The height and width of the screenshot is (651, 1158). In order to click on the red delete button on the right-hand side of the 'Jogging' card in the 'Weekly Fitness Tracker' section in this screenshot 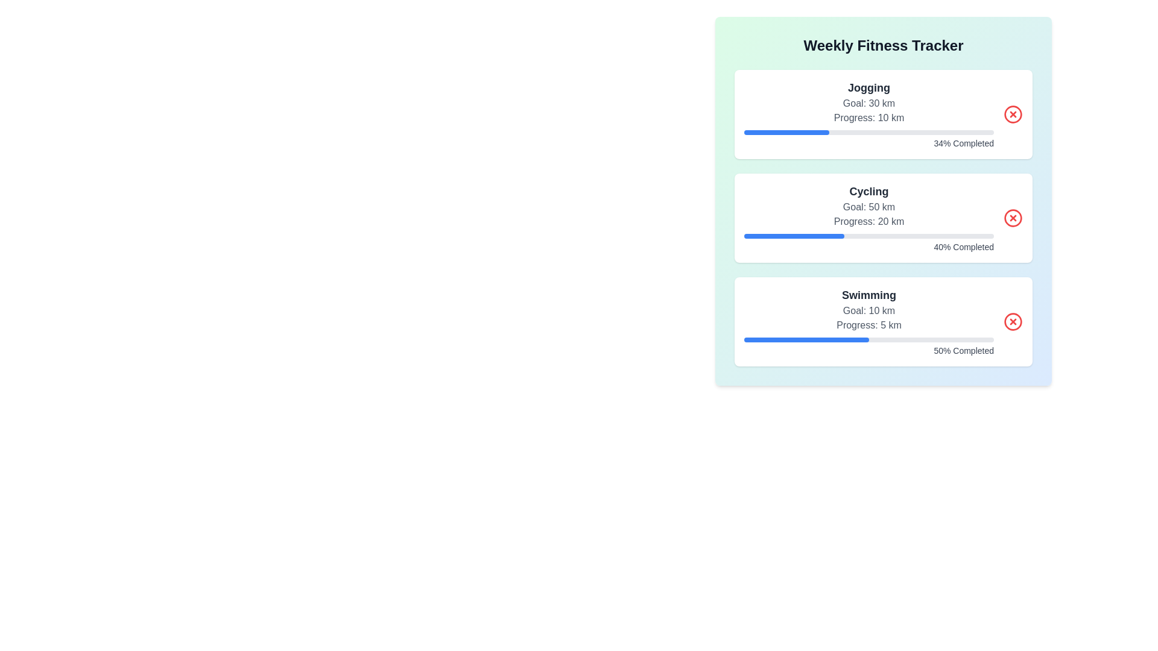, I will do `click(1013, 114)`.